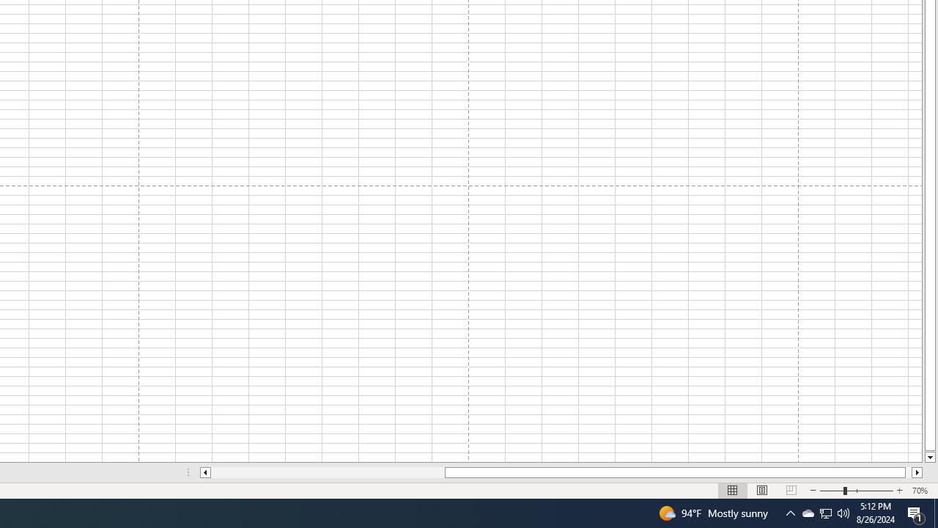 This screenshot has width=938, height=528. What do you see at coordinates (204, 472) in the screenshot?
I see `'Column left'` at bounding box center [204, 472].